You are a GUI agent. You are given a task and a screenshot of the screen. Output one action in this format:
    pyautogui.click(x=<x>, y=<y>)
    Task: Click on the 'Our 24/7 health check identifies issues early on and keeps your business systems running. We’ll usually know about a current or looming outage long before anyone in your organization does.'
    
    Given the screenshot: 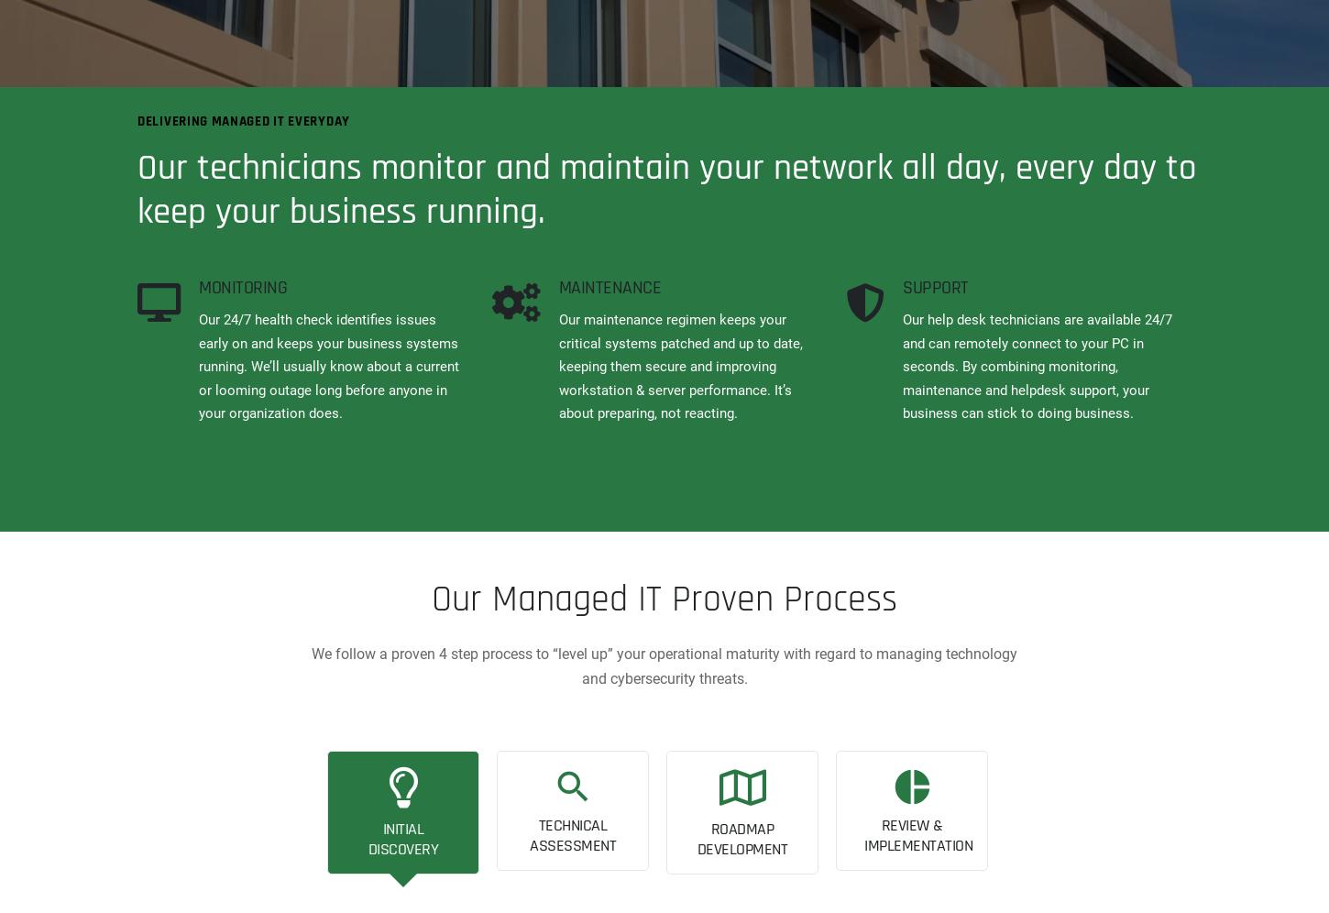 What is the action you would take?
    pyautogui.click(x=329, y=365)
    